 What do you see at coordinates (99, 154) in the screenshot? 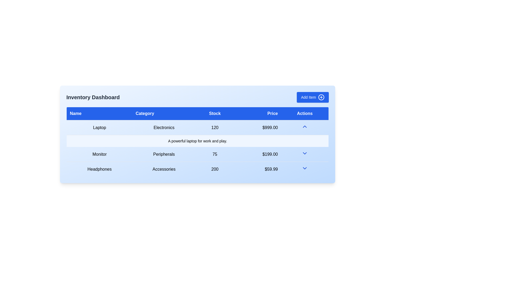
I see `the Label element containing the text 'Monitor', which has a light blue background and is positioned under the 'Name' column header` at bounding box center [99, 154].